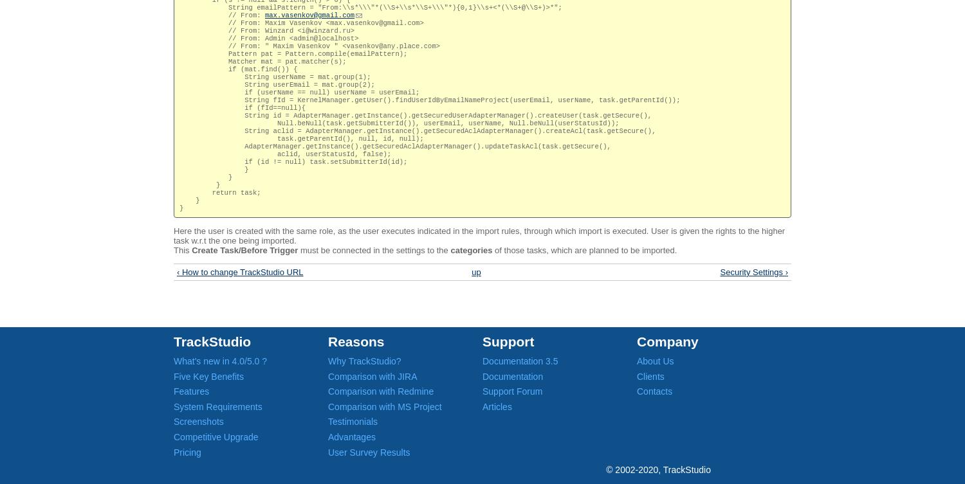 Image resolution: width=965 pixels, height=484 pixels. What do you see at coordinates (328, 435) in the screenshot?
I see `'Advantages'` at bounding box center [328, 435].